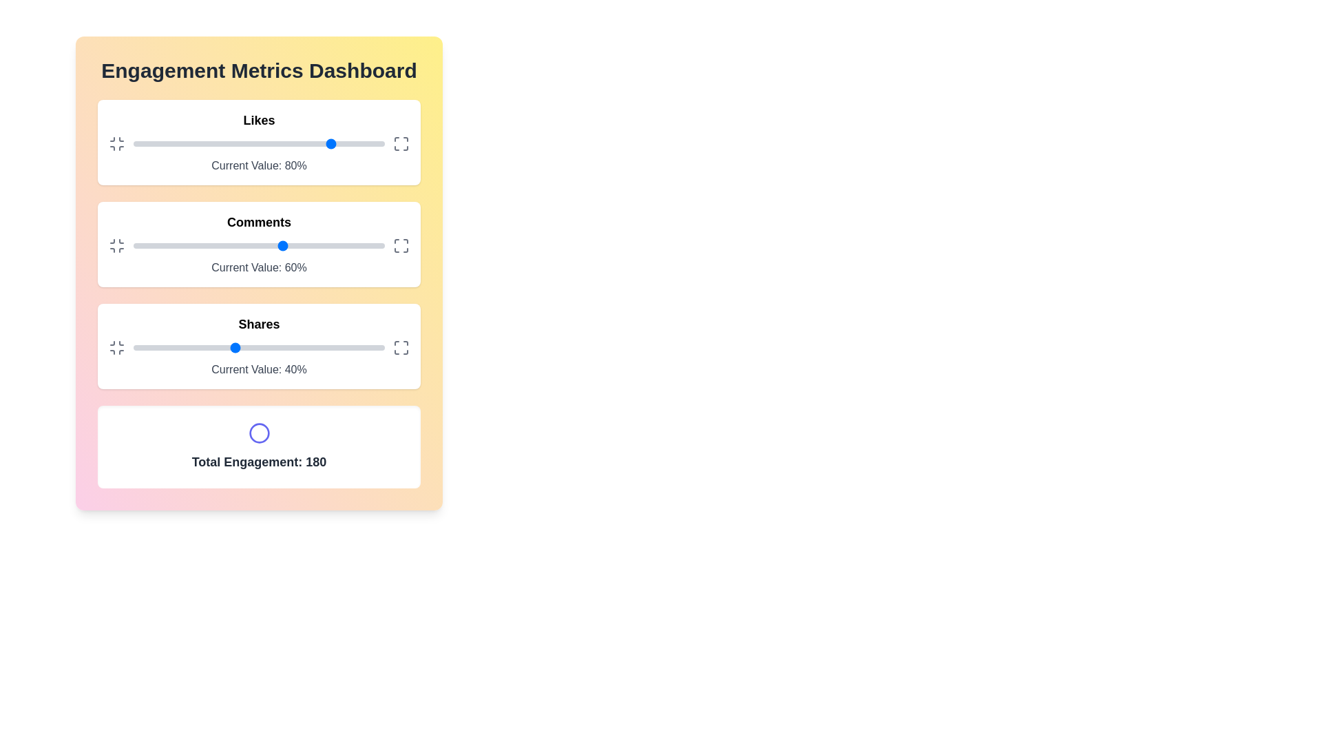 Image resolution: width=1322 pixels, height=744 pixels. What do you see at coordinates (334, 143) in the screenshot?
I see `the 'Likes' slider` at bounding box center [334, 143].